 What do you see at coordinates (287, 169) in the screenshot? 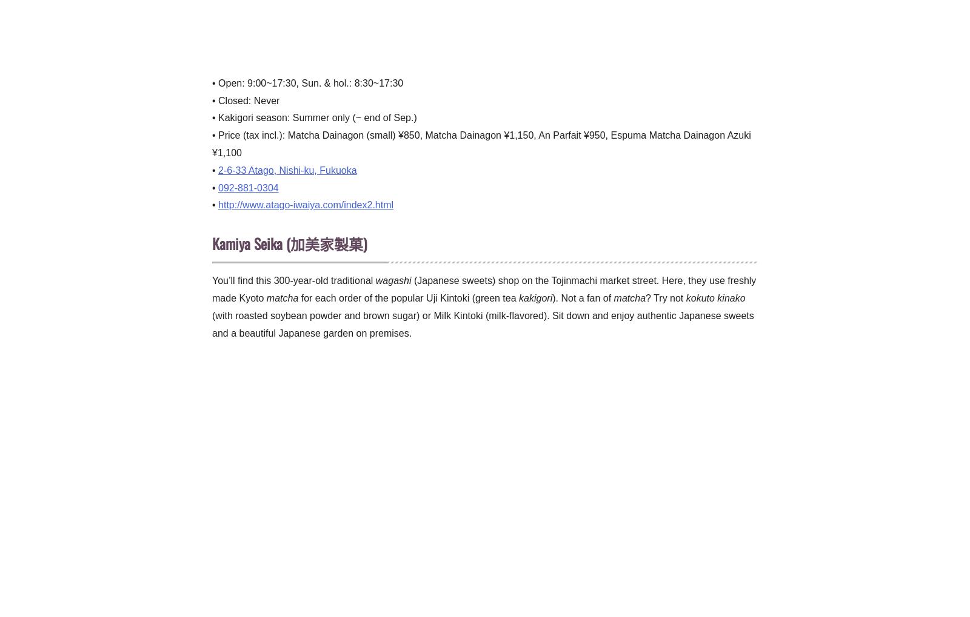
I see `'2-6-33 Atago, Nishi-ku, Fukuoka'` at bounding box center [287, 169].